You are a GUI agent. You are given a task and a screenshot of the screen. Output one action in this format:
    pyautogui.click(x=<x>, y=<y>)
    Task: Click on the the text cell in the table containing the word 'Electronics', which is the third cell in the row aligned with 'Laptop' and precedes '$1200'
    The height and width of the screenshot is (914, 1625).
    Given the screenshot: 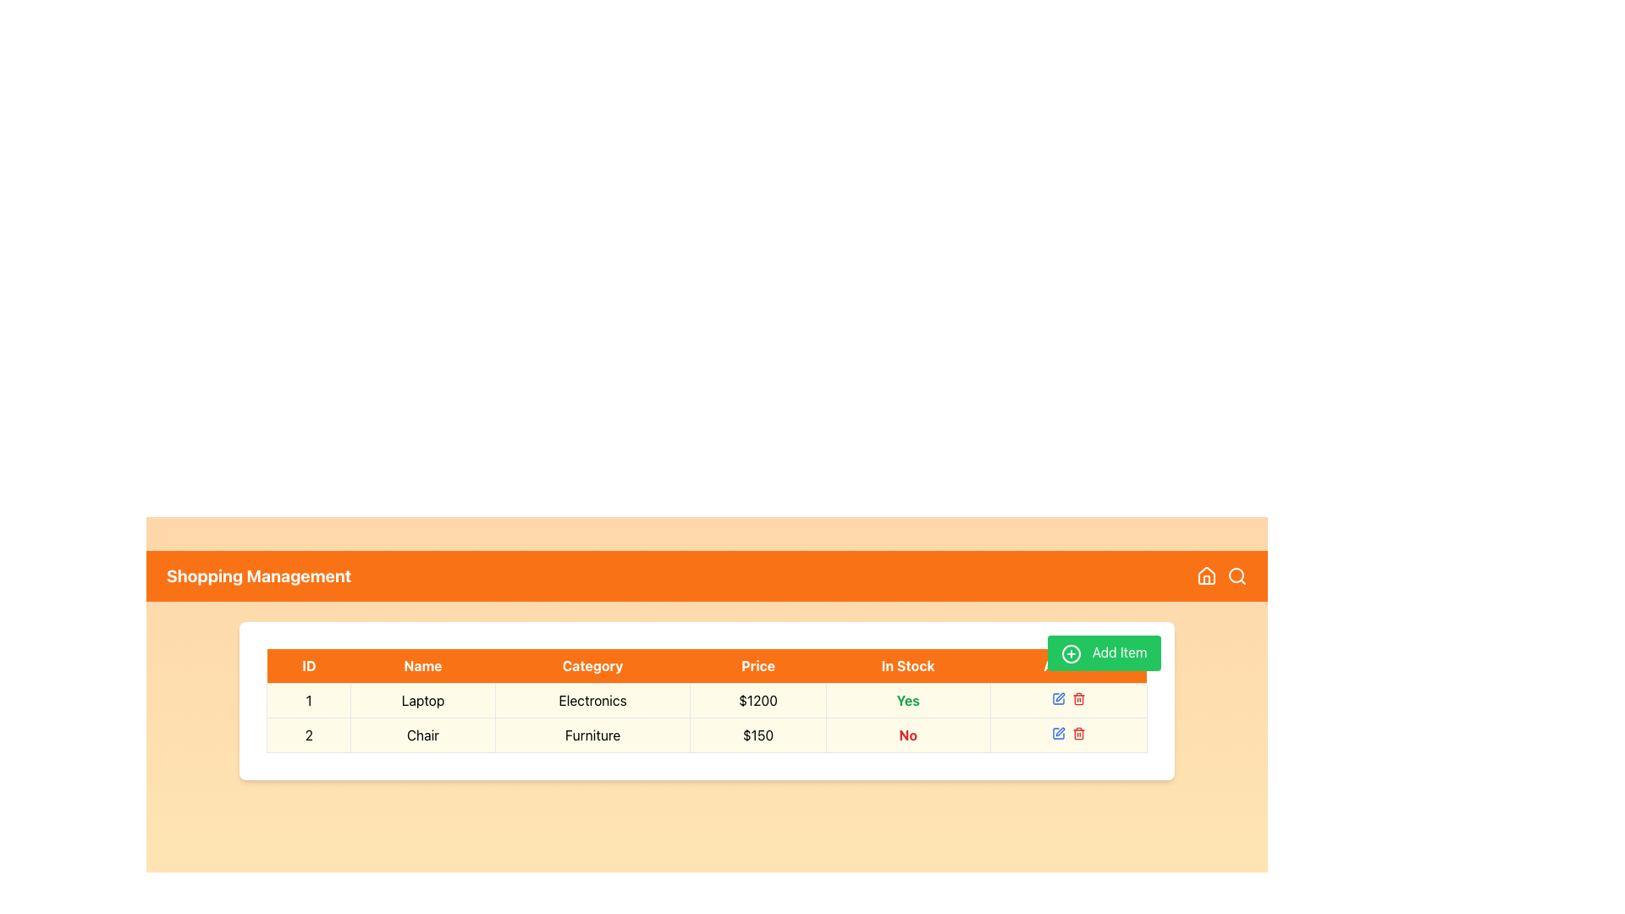 What is the action you would take?
    pyautogui.click(x=592, y=701)
    